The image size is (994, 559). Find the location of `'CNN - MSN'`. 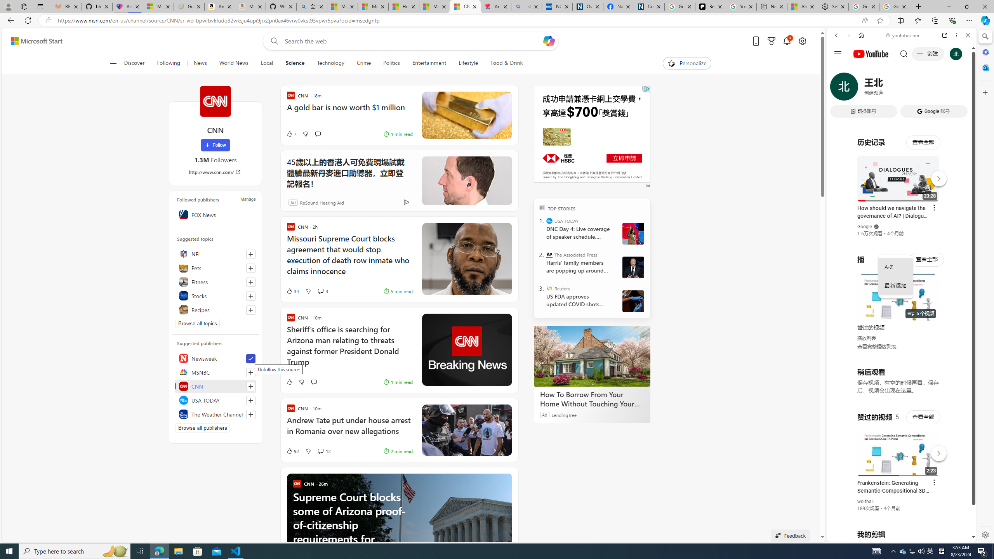

'CNN - MSN' is located at coordinates (465, 6).